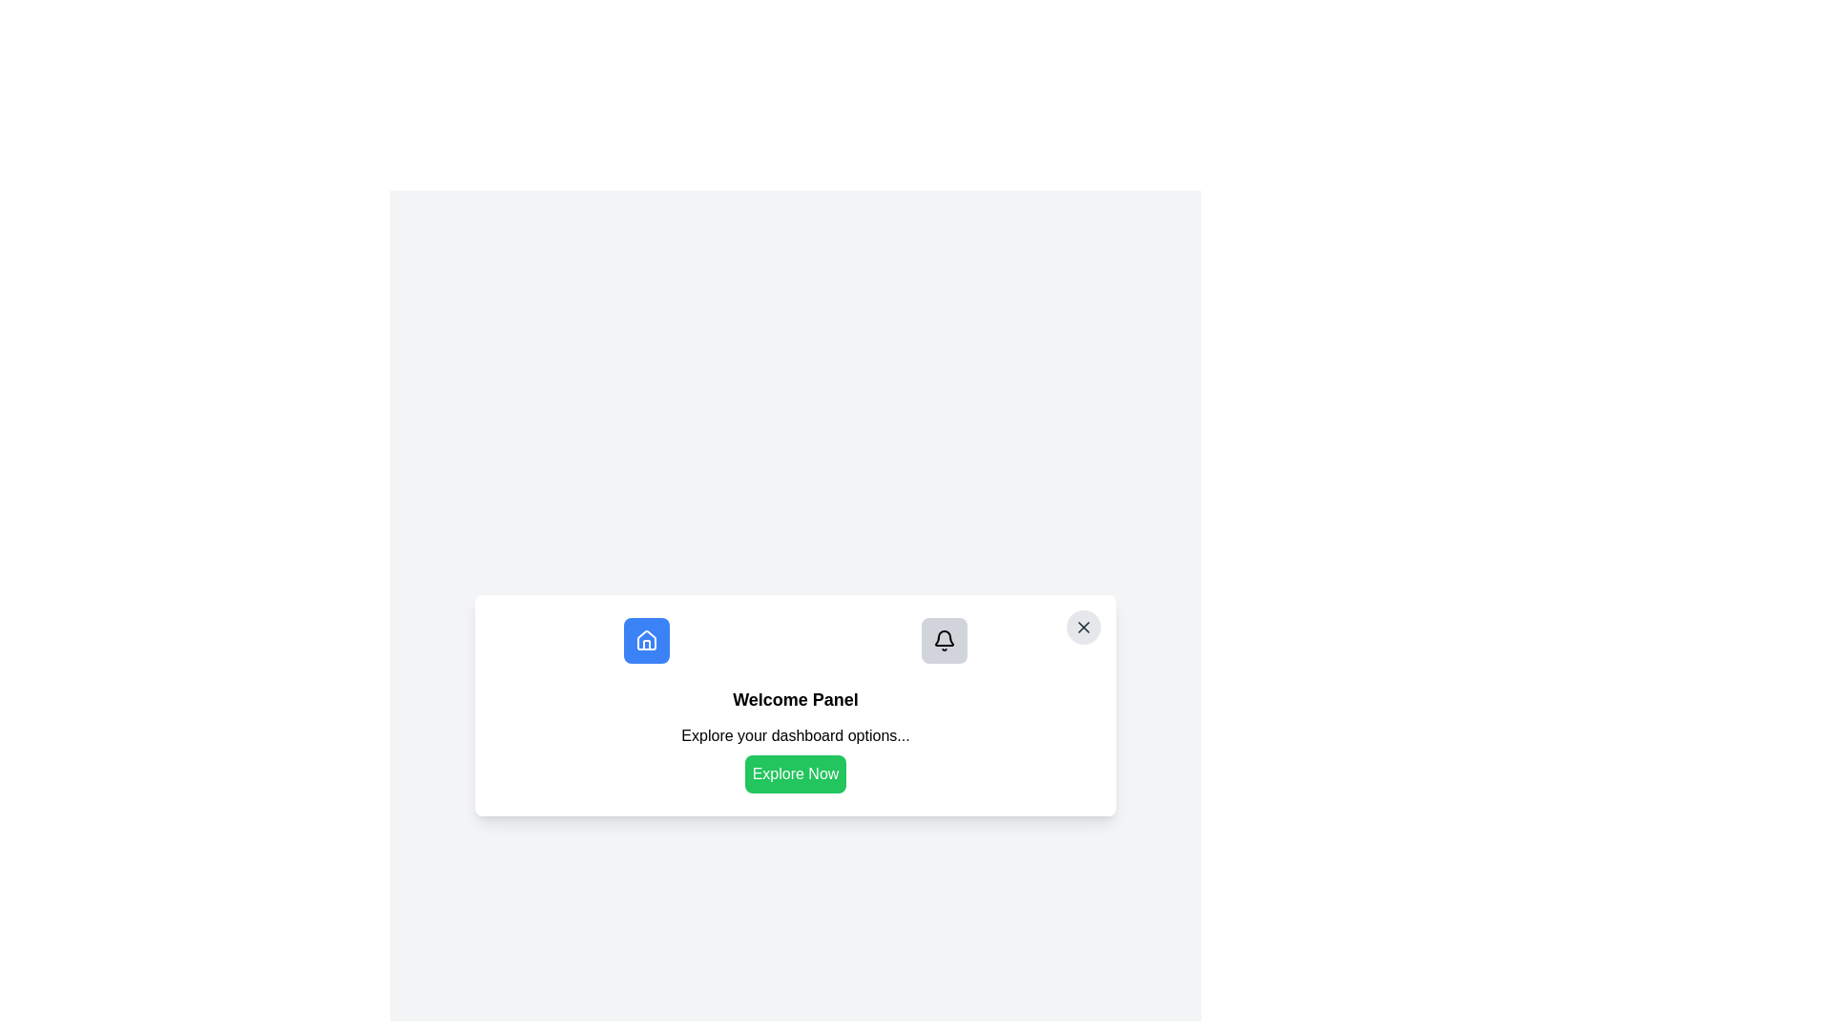 The image size is (1832, 1030). I want to click on the blue square button with rounded corners containing a white house icon, so click(646, 640).